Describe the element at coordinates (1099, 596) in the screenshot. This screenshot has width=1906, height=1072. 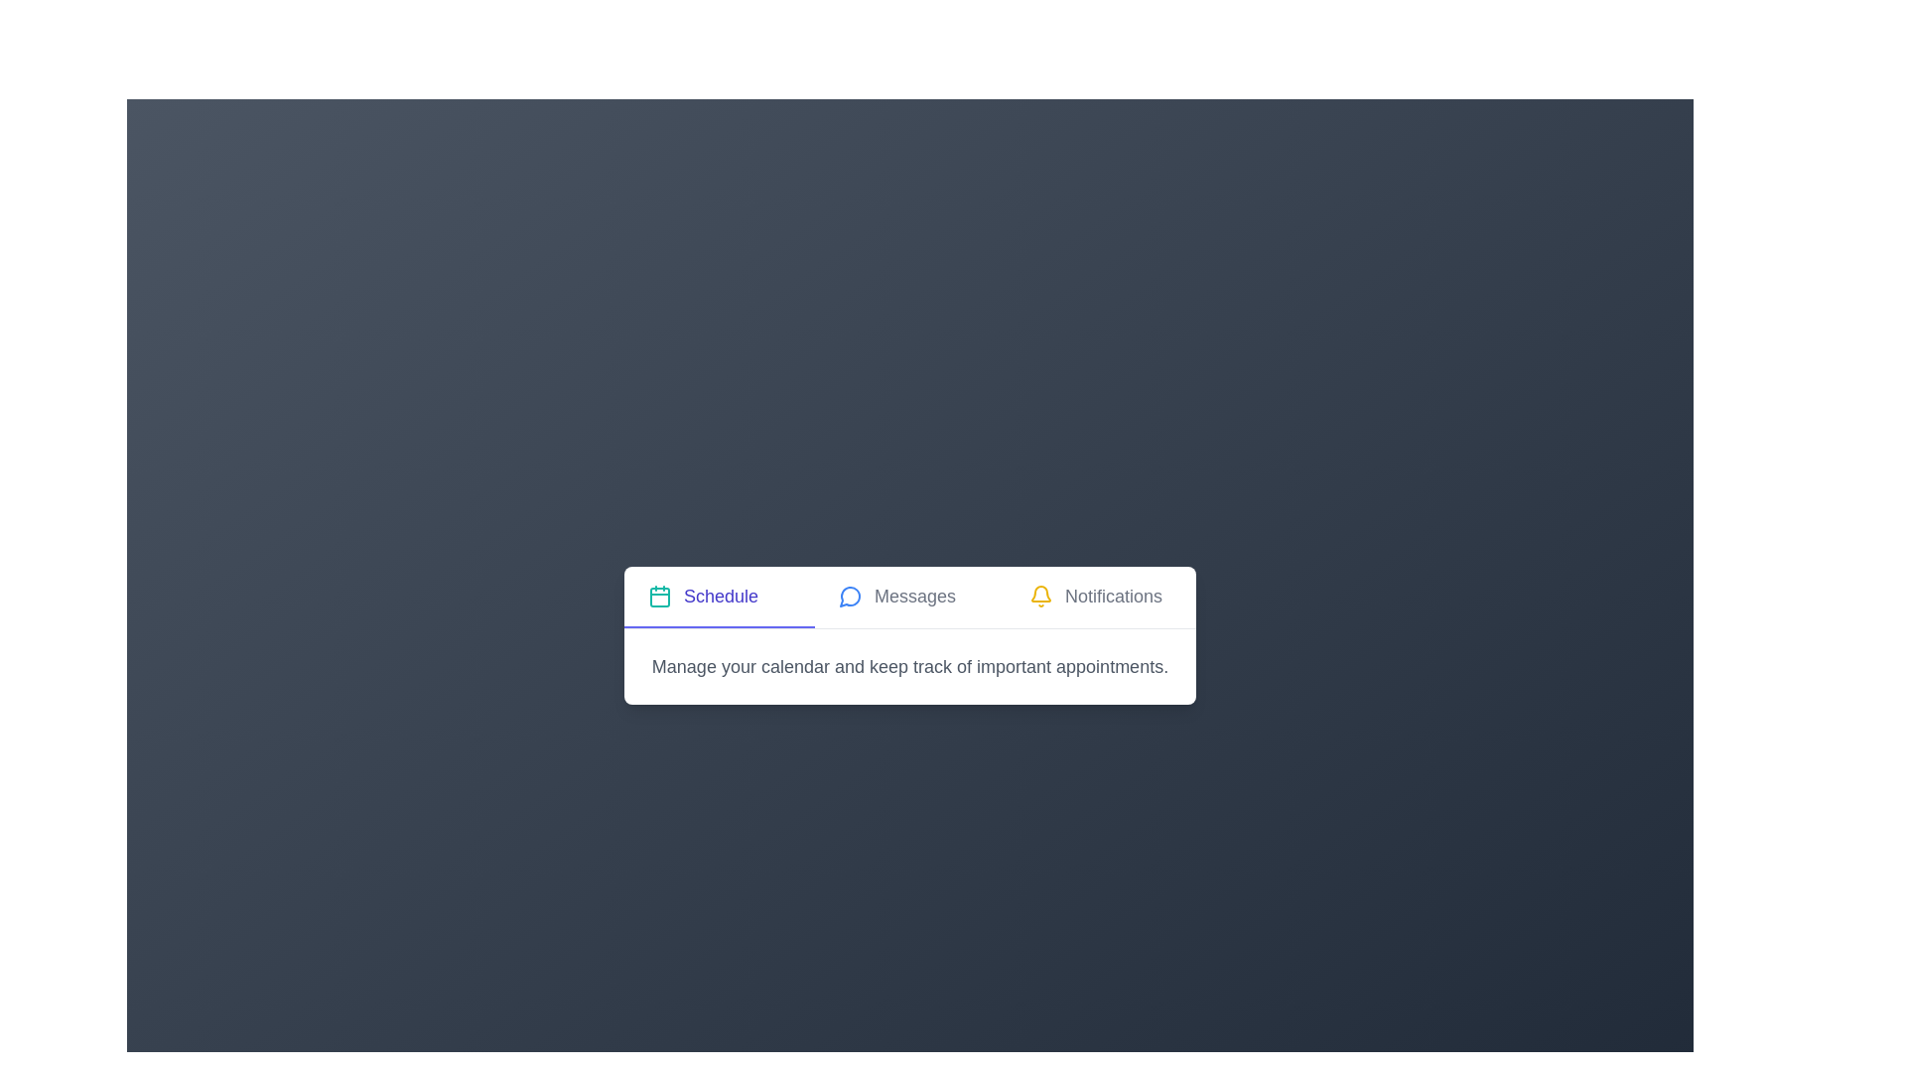
I see `the tab header named Notifications to activate it` at that location.